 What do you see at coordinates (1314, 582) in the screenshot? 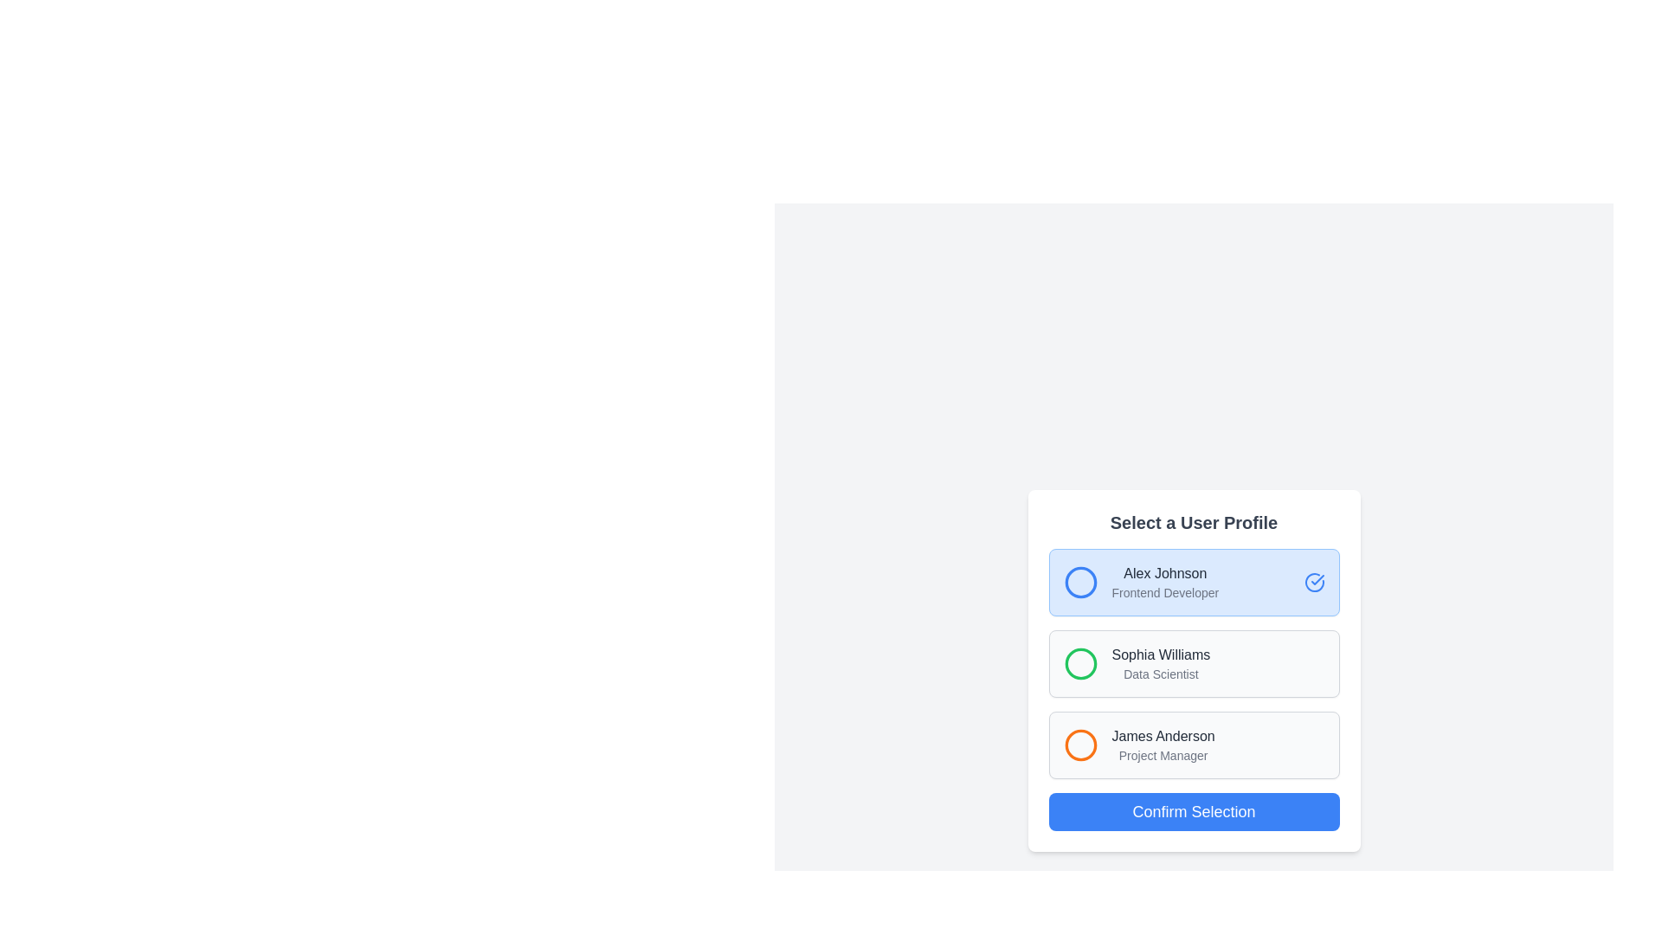
I see `the blue circular segment of the checkmark icon located to the right of the 'Alex Johnson' selection entry in the user profiles list` at bounding box center [1314, 582].